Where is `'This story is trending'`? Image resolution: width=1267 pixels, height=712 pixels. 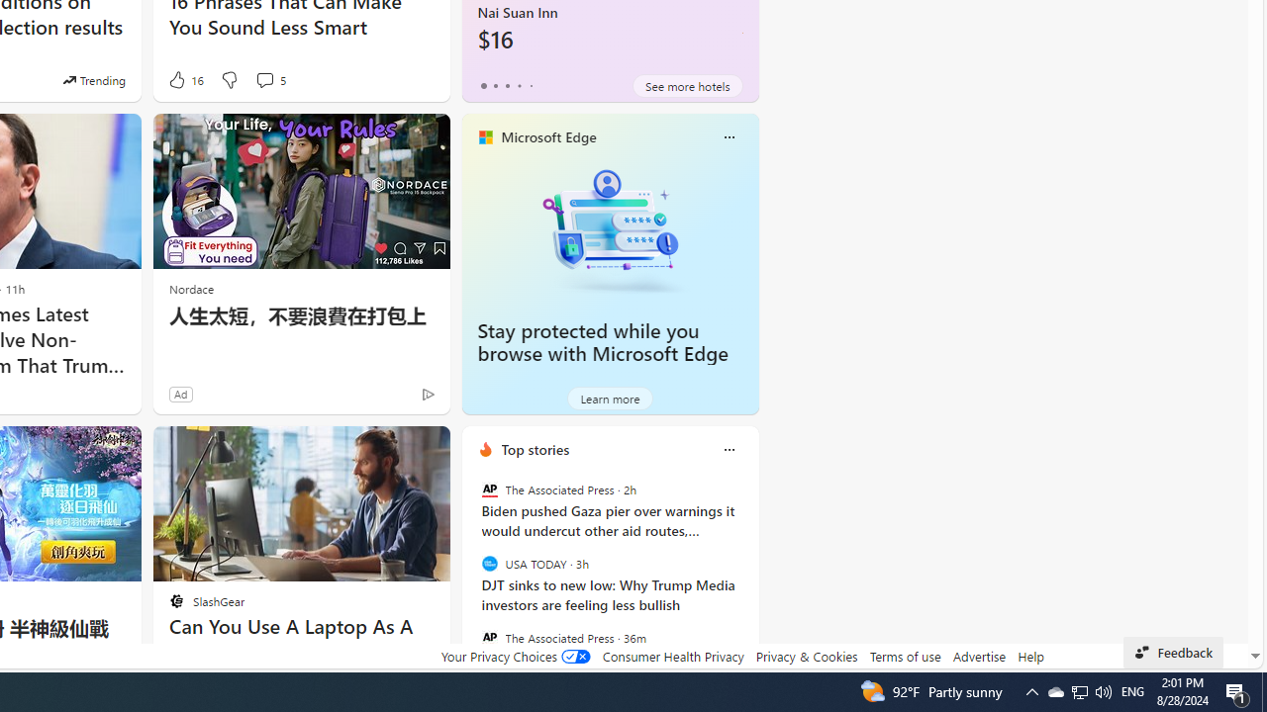
'This story is trending' is located at coordinates (93, 79).